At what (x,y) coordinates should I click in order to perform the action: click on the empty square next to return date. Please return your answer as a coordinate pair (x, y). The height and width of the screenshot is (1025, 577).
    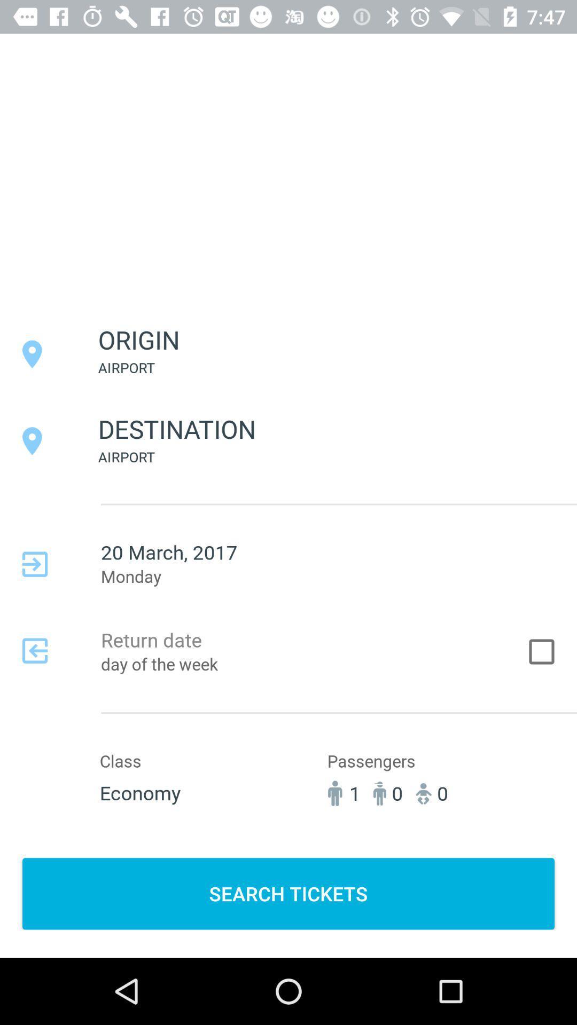
    Looking at the image, I should click on (542, 651).